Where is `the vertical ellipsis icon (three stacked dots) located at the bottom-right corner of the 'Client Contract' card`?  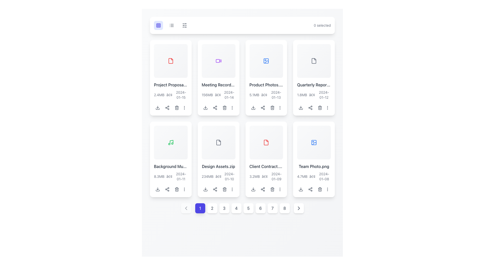 the vertical ellipsis icon (three stacked dots) located at the bottom-right corner of the 'Client Contract' card is located at coordinates (279, 189).